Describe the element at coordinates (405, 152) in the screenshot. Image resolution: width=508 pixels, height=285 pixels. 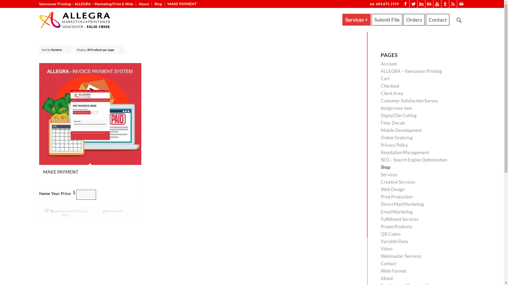
I see `'Reputation Management'` at that location.